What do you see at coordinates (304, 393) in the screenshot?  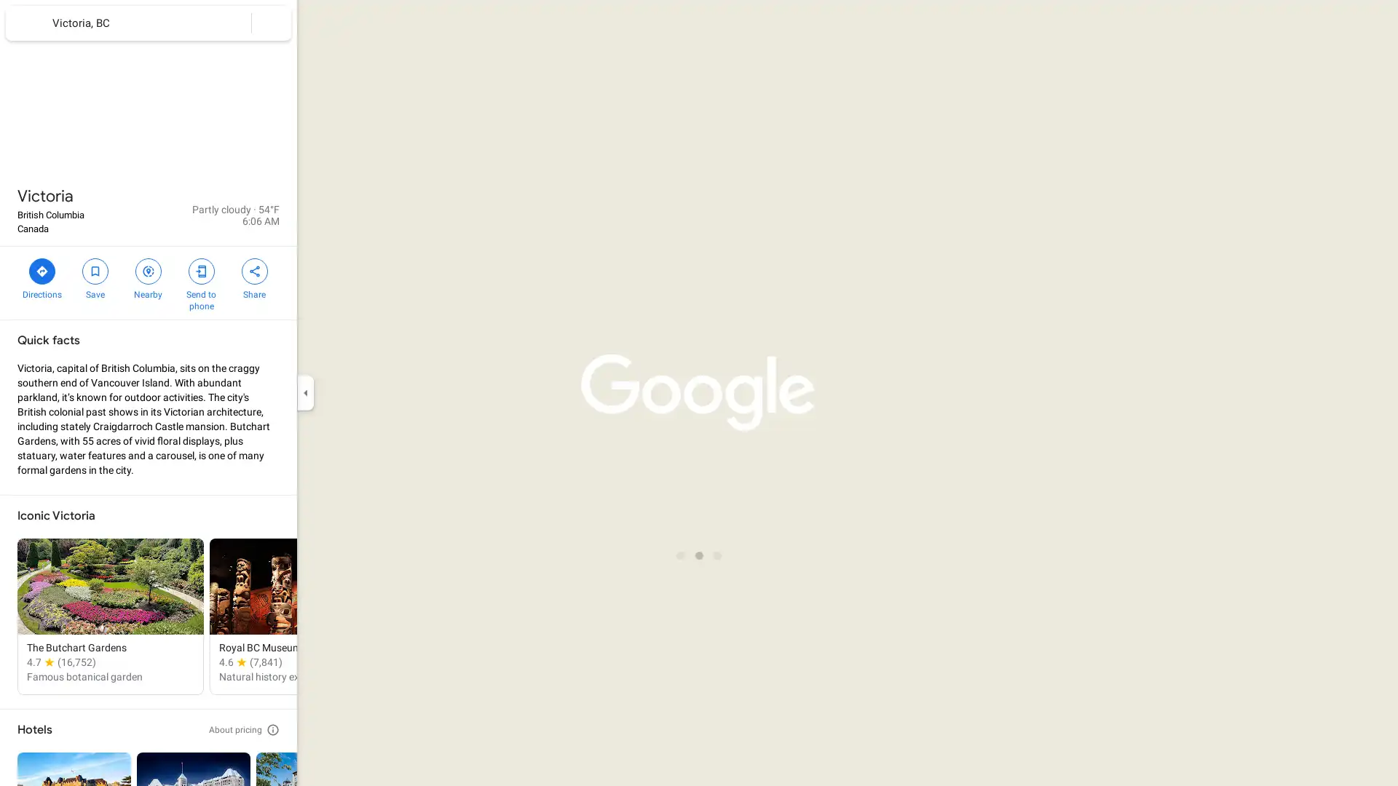 I see `Collapse side panel` at bounding box center [304, 393].